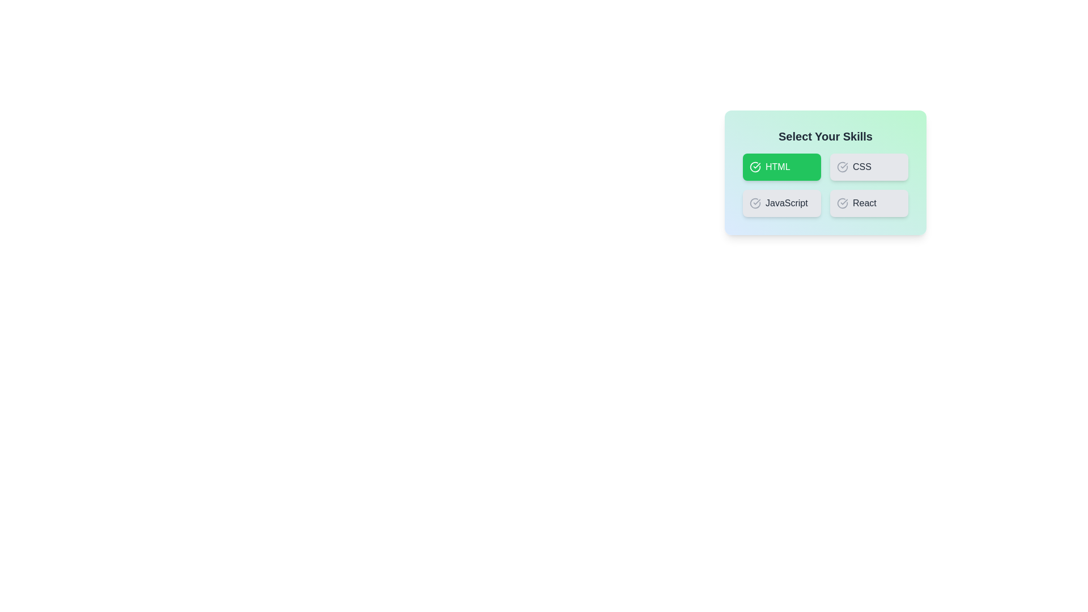 The image size is (1088, 612). What do you see at coordinates (869, 202) in the screenshot?
I see `the skill React to observe visual feedback` at bounding box center [869, 202].